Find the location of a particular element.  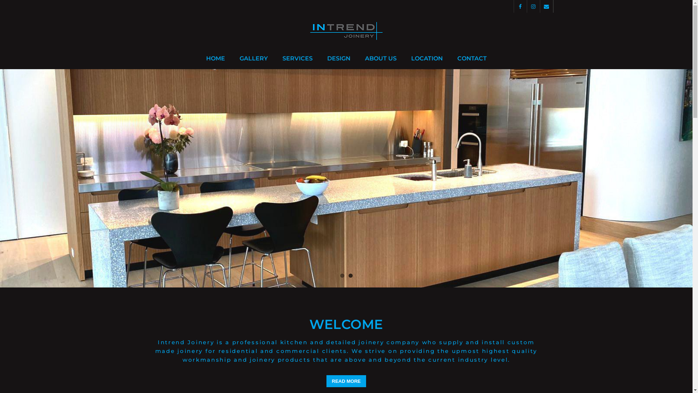

'1' is located at coordinates (340, 275).